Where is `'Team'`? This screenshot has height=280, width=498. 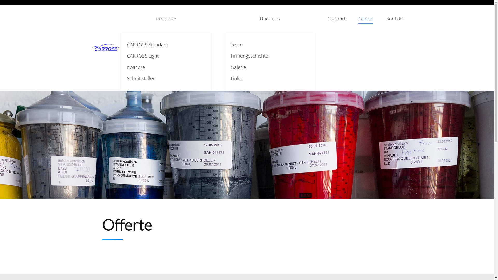 'Team' is located at coordinates (270, 44).